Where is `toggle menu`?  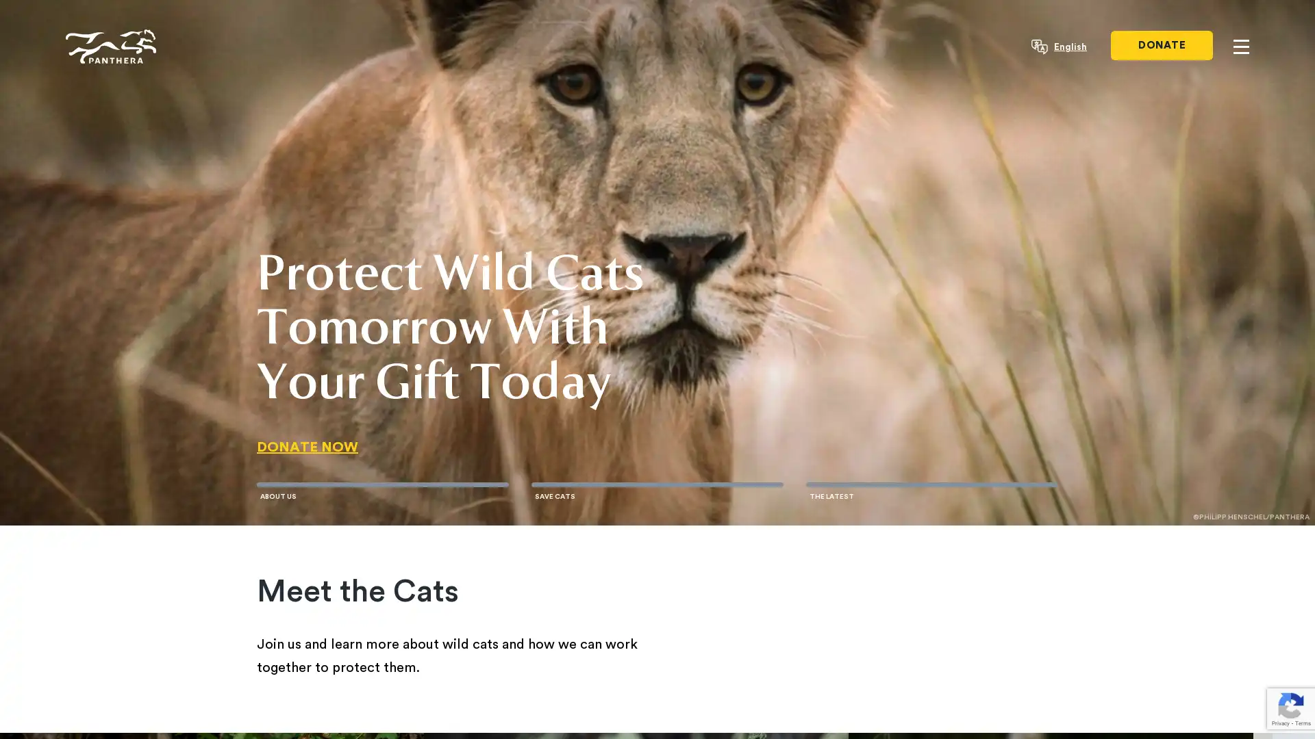 toggle menu is located at coordinates (1241, 46).